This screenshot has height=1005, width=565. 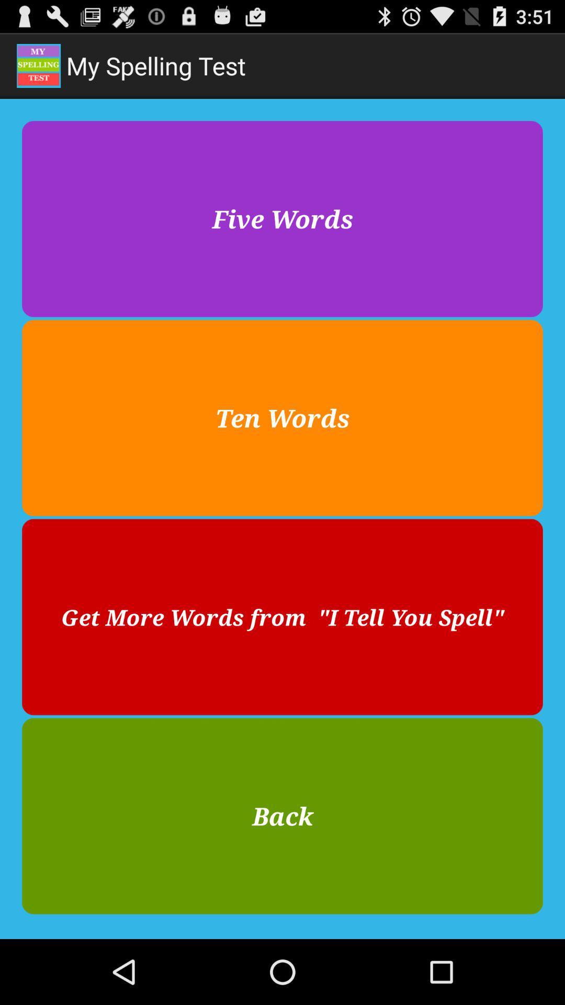 What do you see at coordinates (282, 417) in the screenshot?
I see `button above get more words` at bounding box center [282, 417].